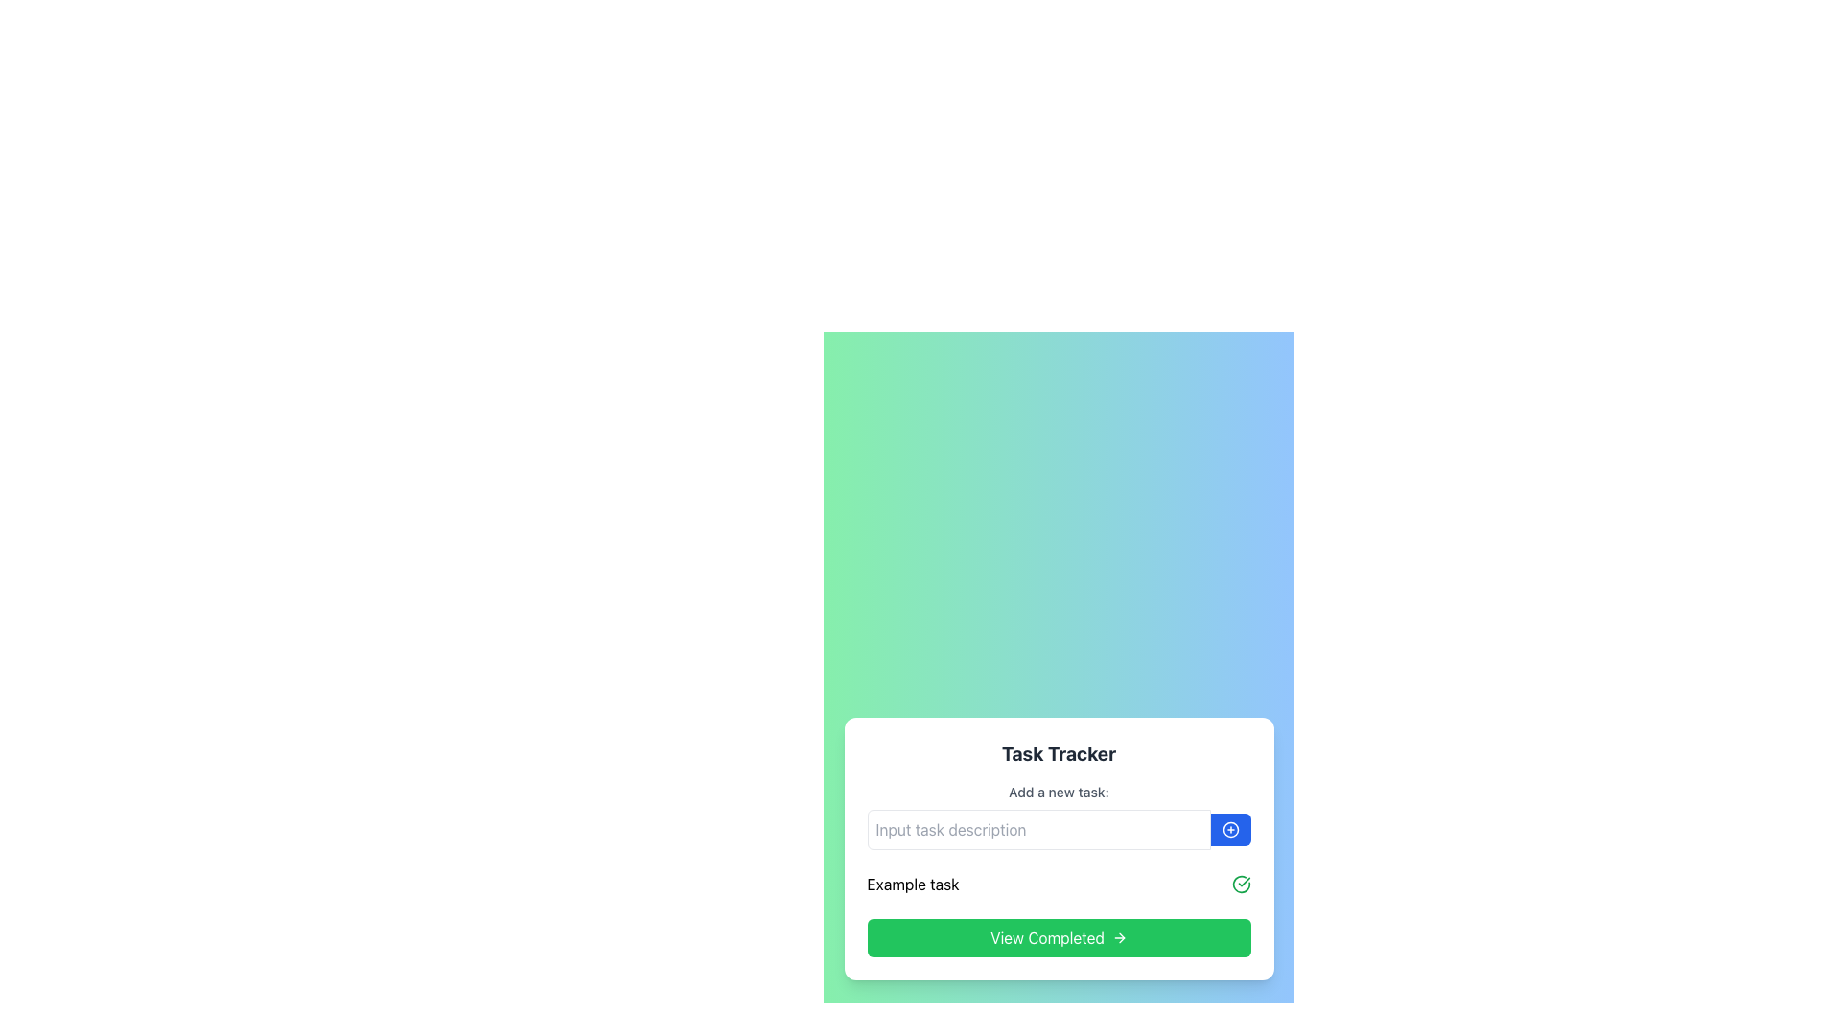 The image size is (1841, 1035). Describe the element at coordinates (1119, 937) in the screenshot. I see `the right arrow icon located at the right side of the 'View Completed' green button` at that location.